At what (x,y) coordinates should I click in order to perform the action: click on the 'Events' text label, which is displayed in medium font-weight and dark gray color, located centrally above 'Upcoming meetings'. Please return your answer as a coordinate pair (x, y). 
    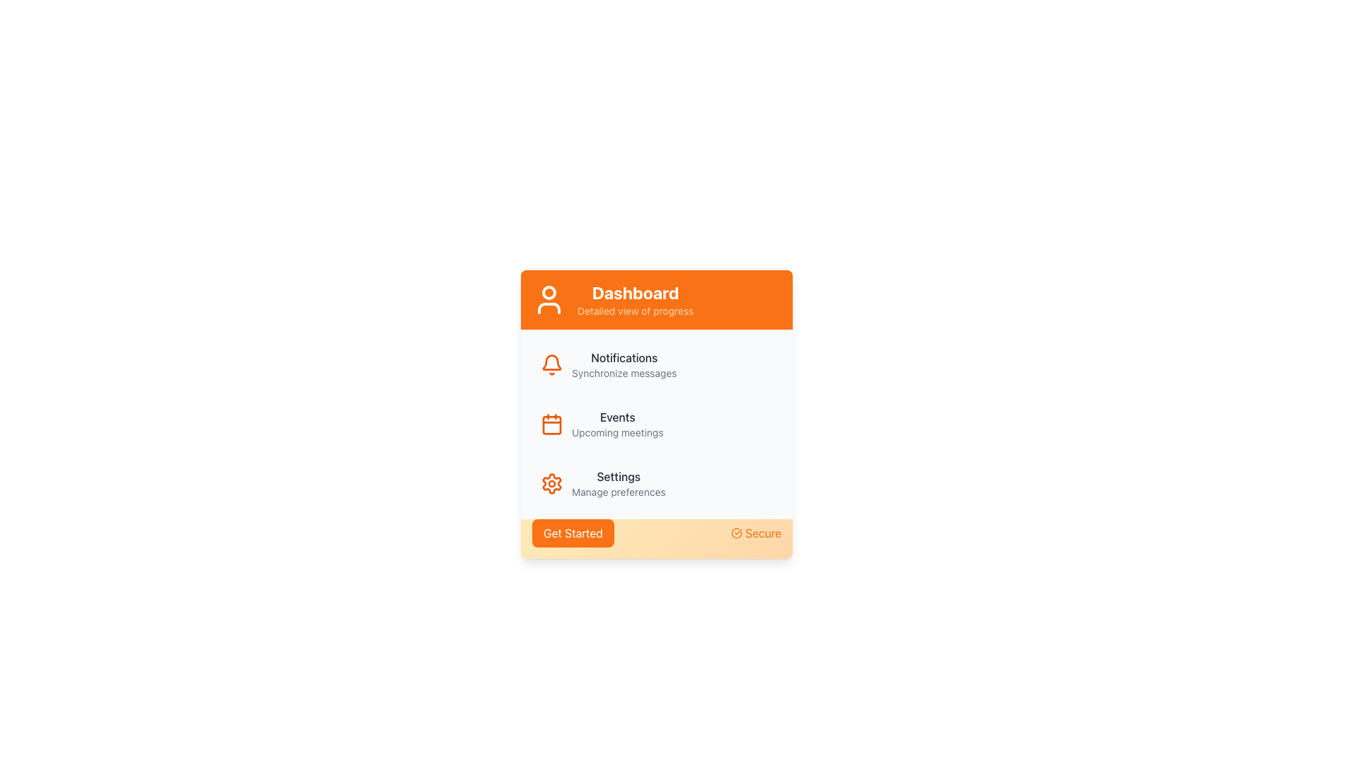
    Looking at the image, I should click on (617, 417).